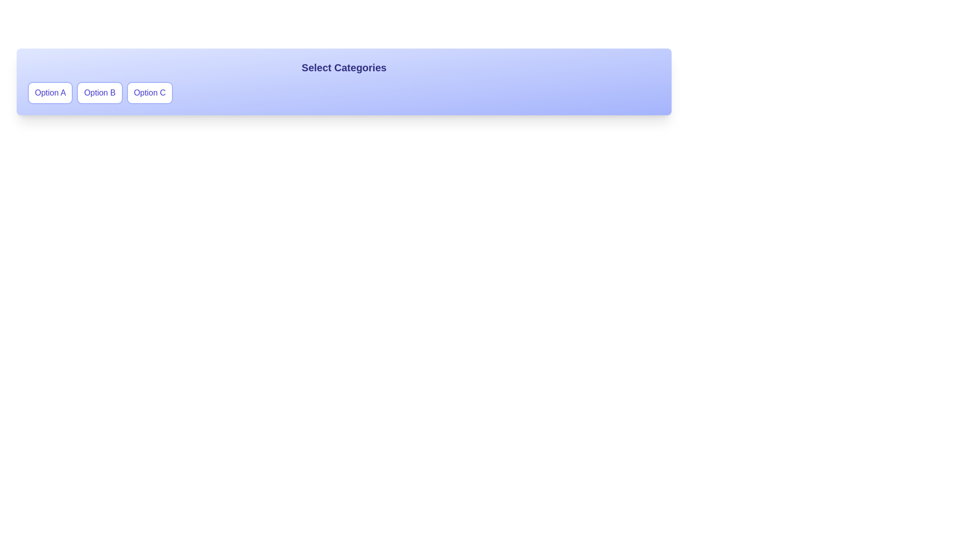  Describe the element at coordinates (149, 93) in the screenshot. I see `the button labeled Option C to observe any visual change` at that location.